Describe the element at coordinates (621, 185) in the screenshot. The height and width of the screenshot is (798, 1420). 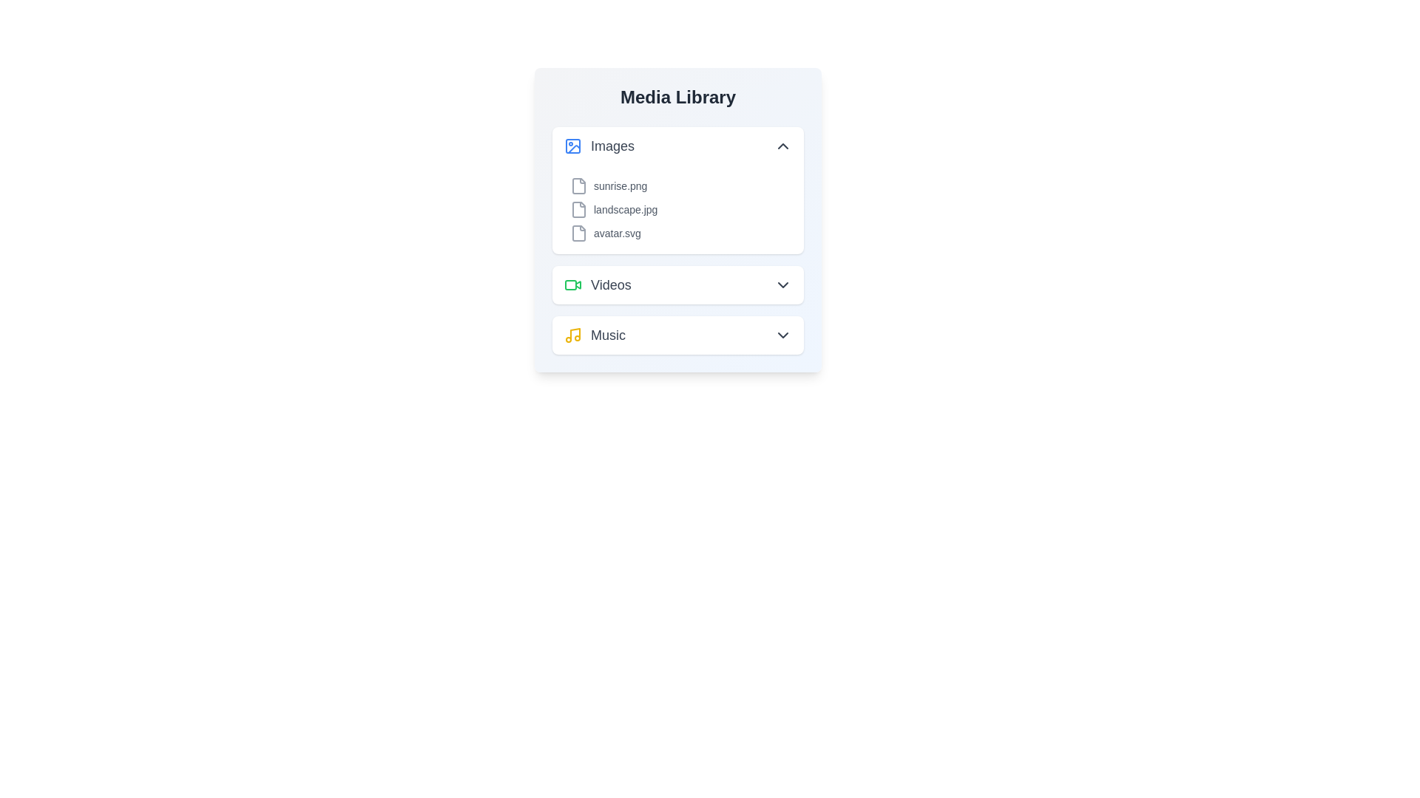
I see `the text label 'sunrise.png' styled in a small gray font` at that location.